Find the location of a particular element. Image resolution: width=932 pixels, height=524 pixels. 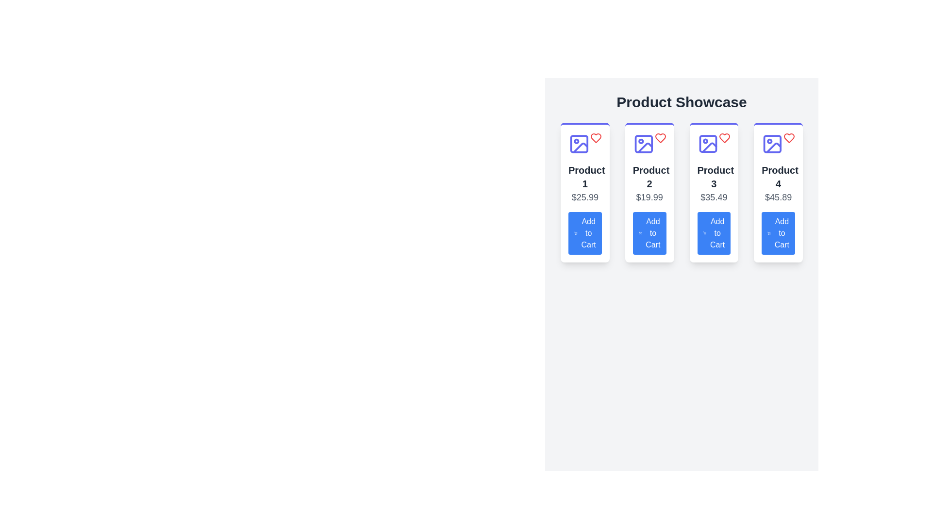

the text label displaying 'Product 3', which is styled with a bold font and located at the top of the third product card is located at coordinates (714, 177).